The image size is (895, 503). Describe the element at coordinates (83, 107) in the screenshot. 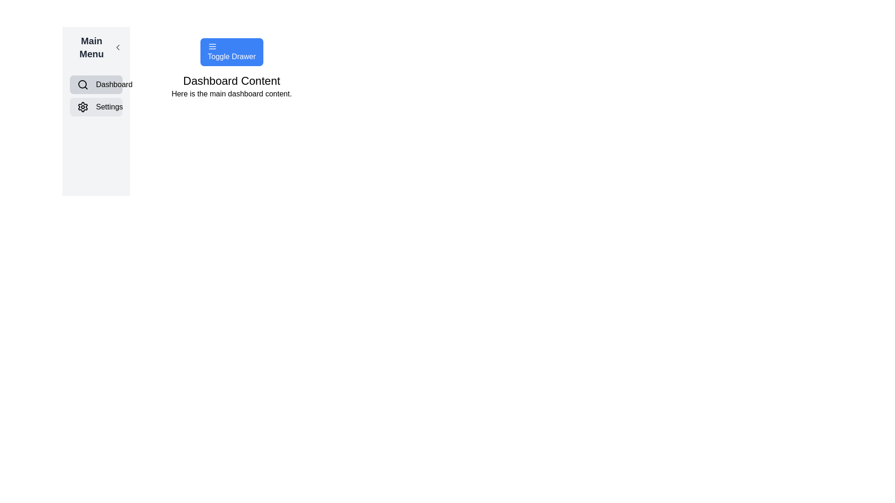

I see `the settings icon located on the left sidebar, which is directly to the left of the 'Settings' text` at that location.